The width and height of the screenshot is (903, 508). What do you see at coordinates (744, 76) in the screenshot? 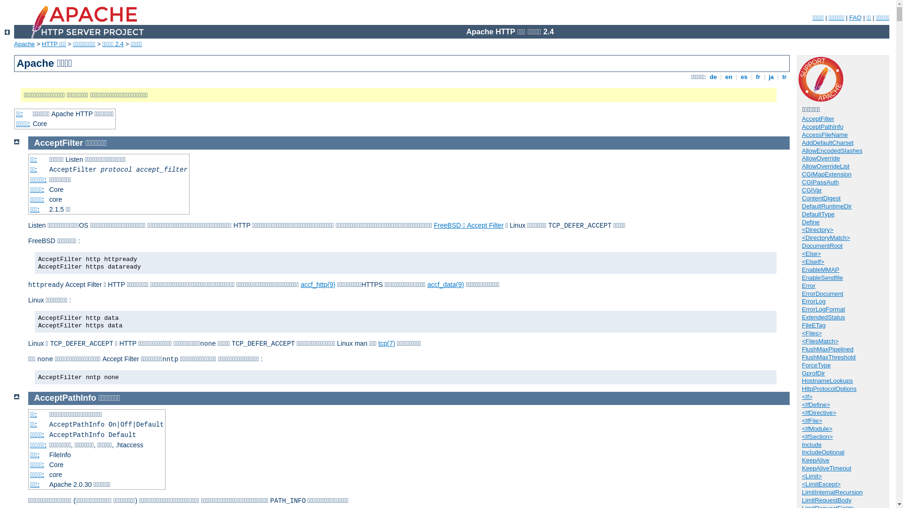
I see `' es '` at bounding box center [744, 76].